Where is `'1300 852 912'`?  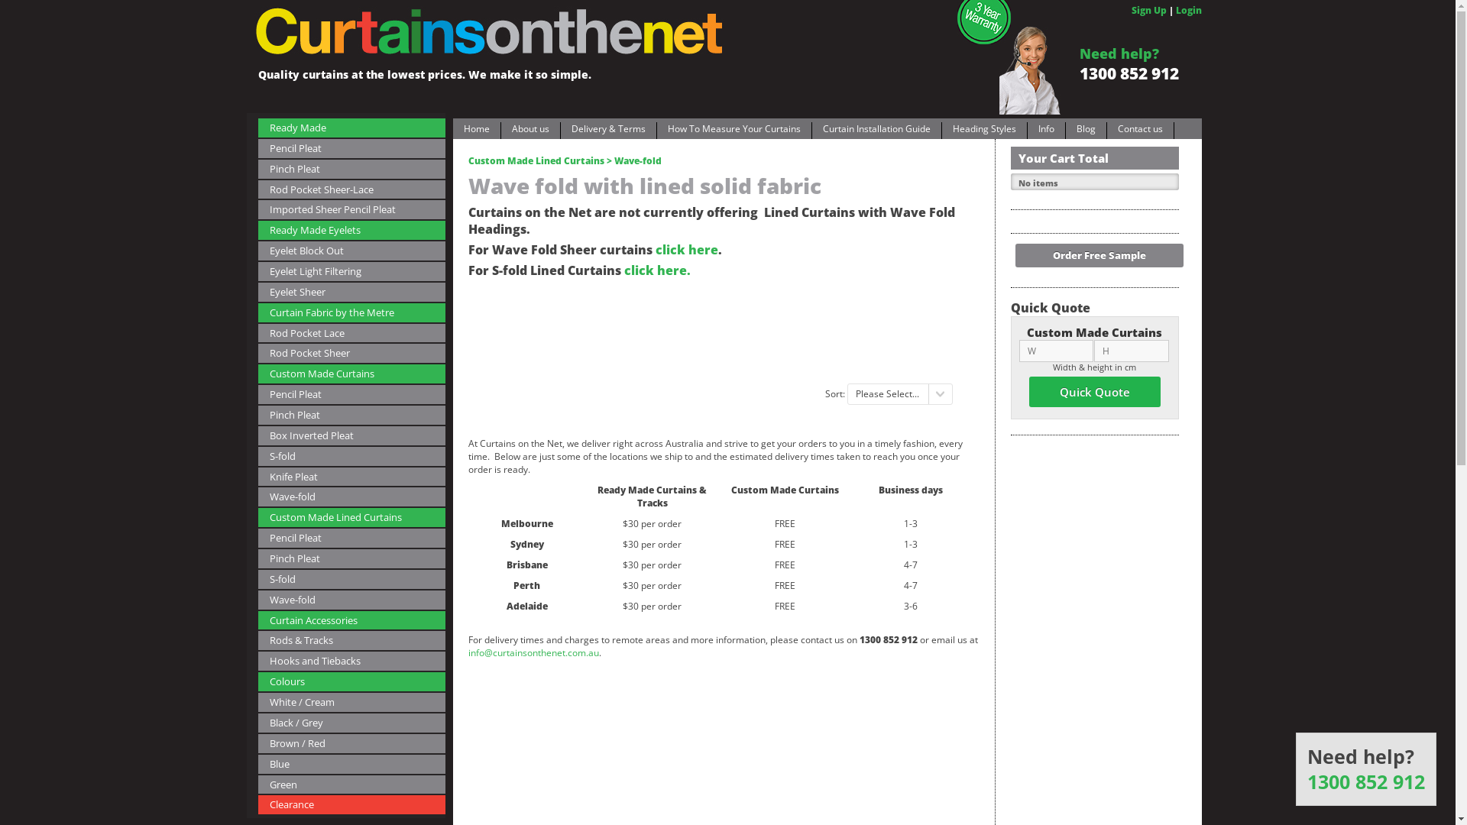
'1300 852 912' is located at coordinates (1077, 73).